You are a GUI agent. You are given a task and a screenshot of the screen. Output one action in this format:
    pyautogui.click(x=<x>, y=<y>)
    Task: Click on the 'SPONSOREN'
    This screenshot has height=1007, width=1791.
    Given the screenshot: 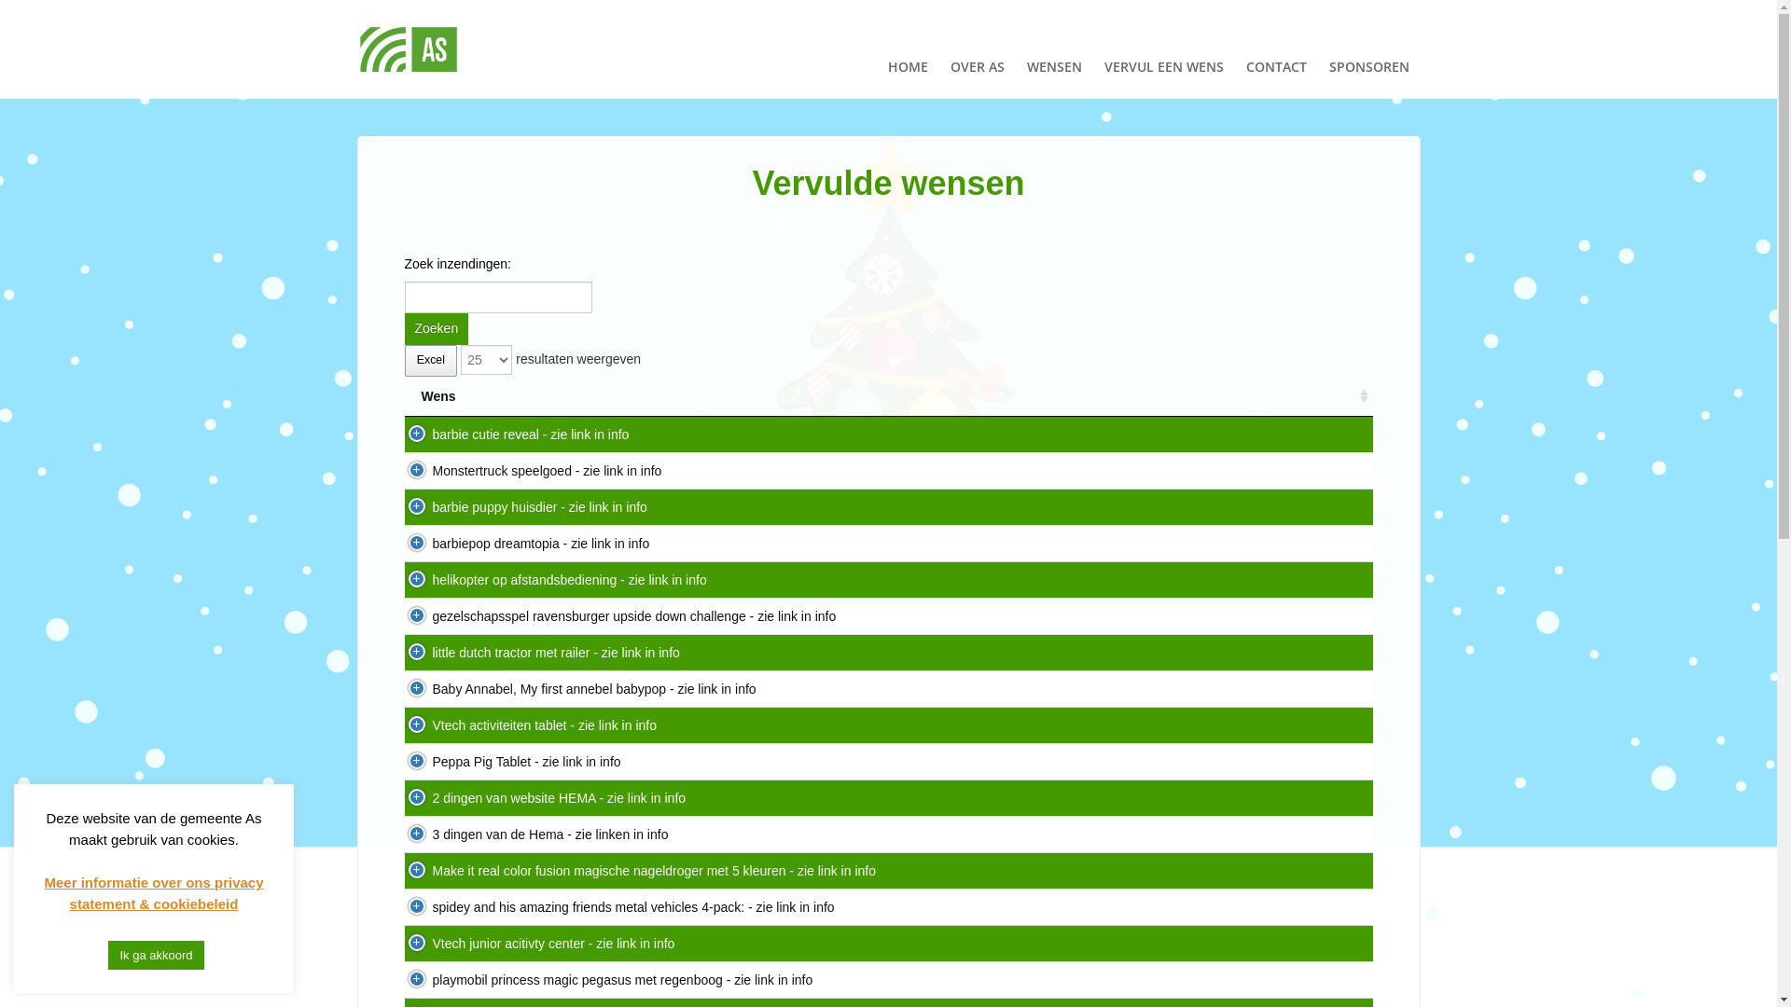 What is the action you would take?
    pyautogui.click(x=1368, y=48)
    